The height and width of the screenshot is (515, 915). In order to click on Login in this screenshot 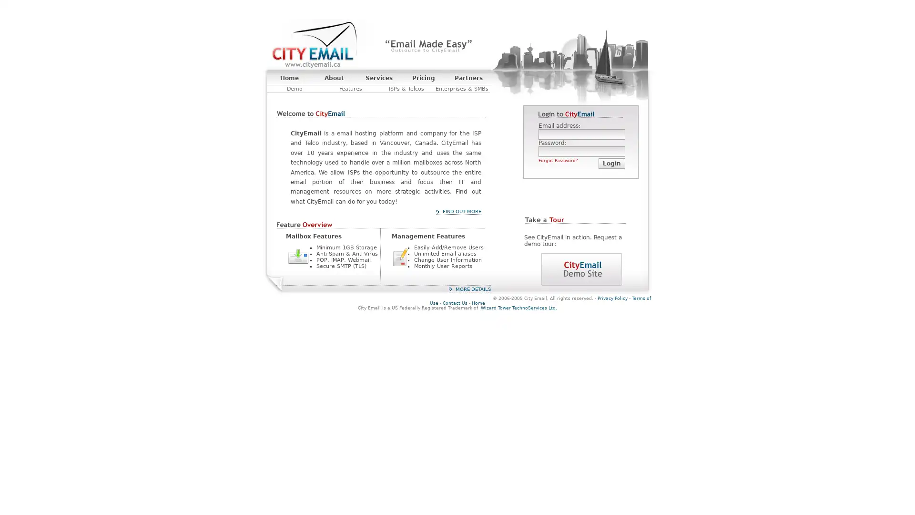, I will do `click(611, 163)`.